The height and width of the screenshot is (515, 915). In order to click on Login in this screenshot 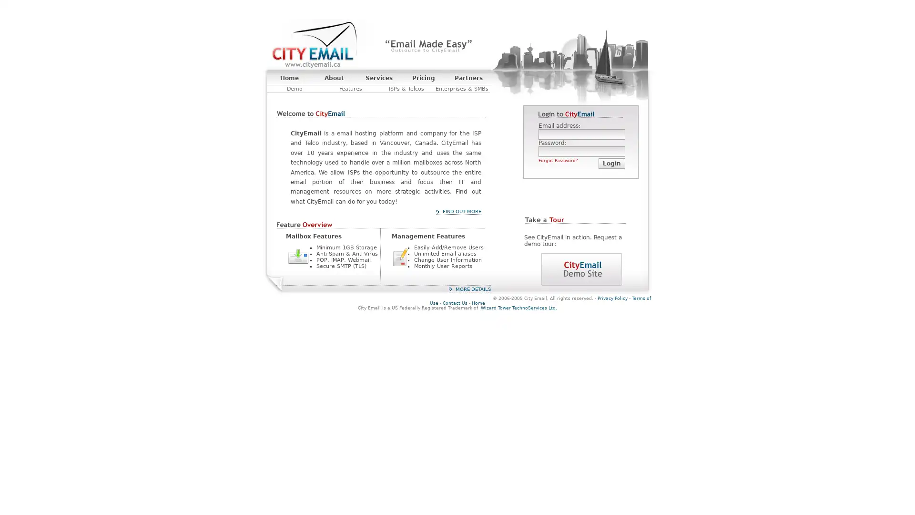, I will do `click(611, 163)`.